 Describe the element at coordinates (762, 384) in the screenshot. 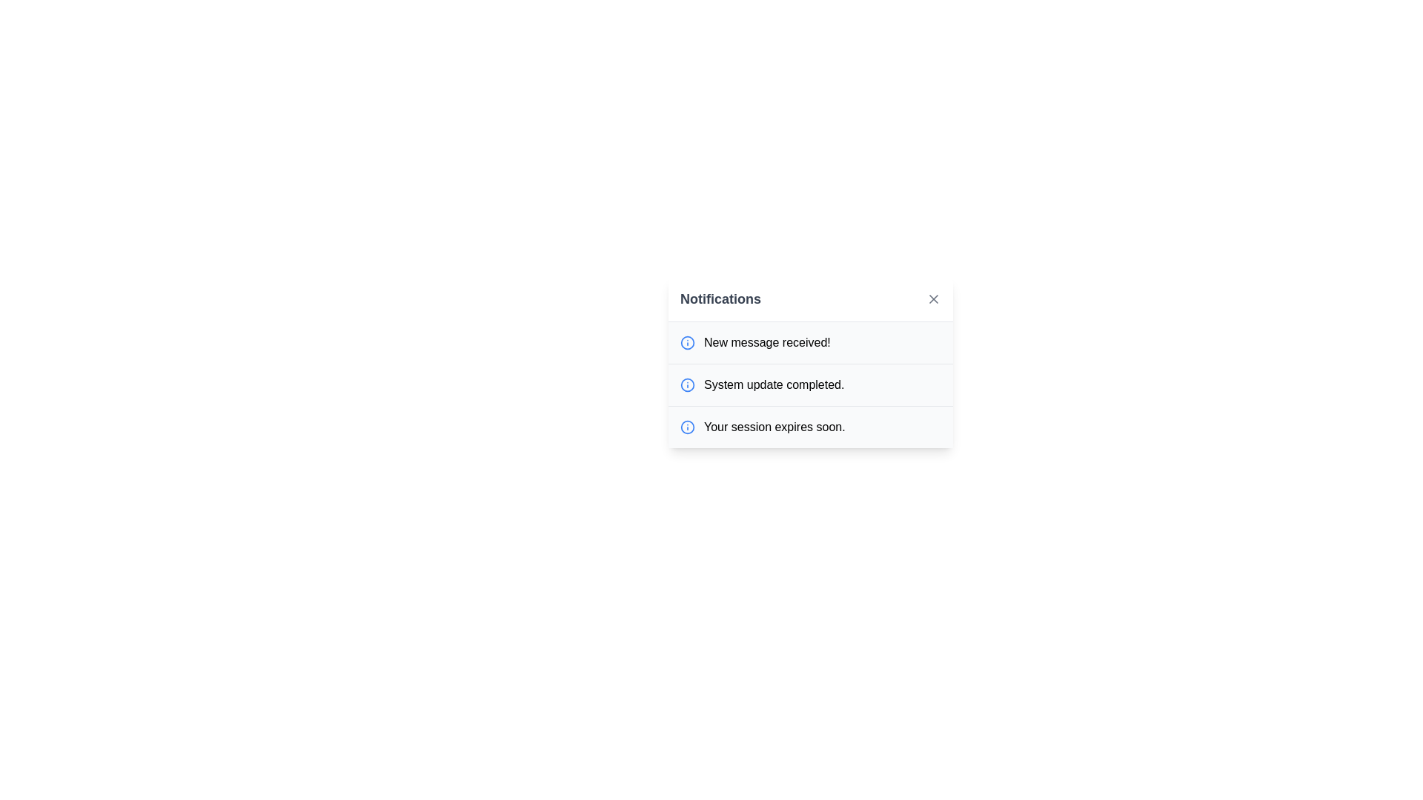

I see `the second notification item that contains the message 'System update completed.' and has an informational icon with a blue border` at that location.